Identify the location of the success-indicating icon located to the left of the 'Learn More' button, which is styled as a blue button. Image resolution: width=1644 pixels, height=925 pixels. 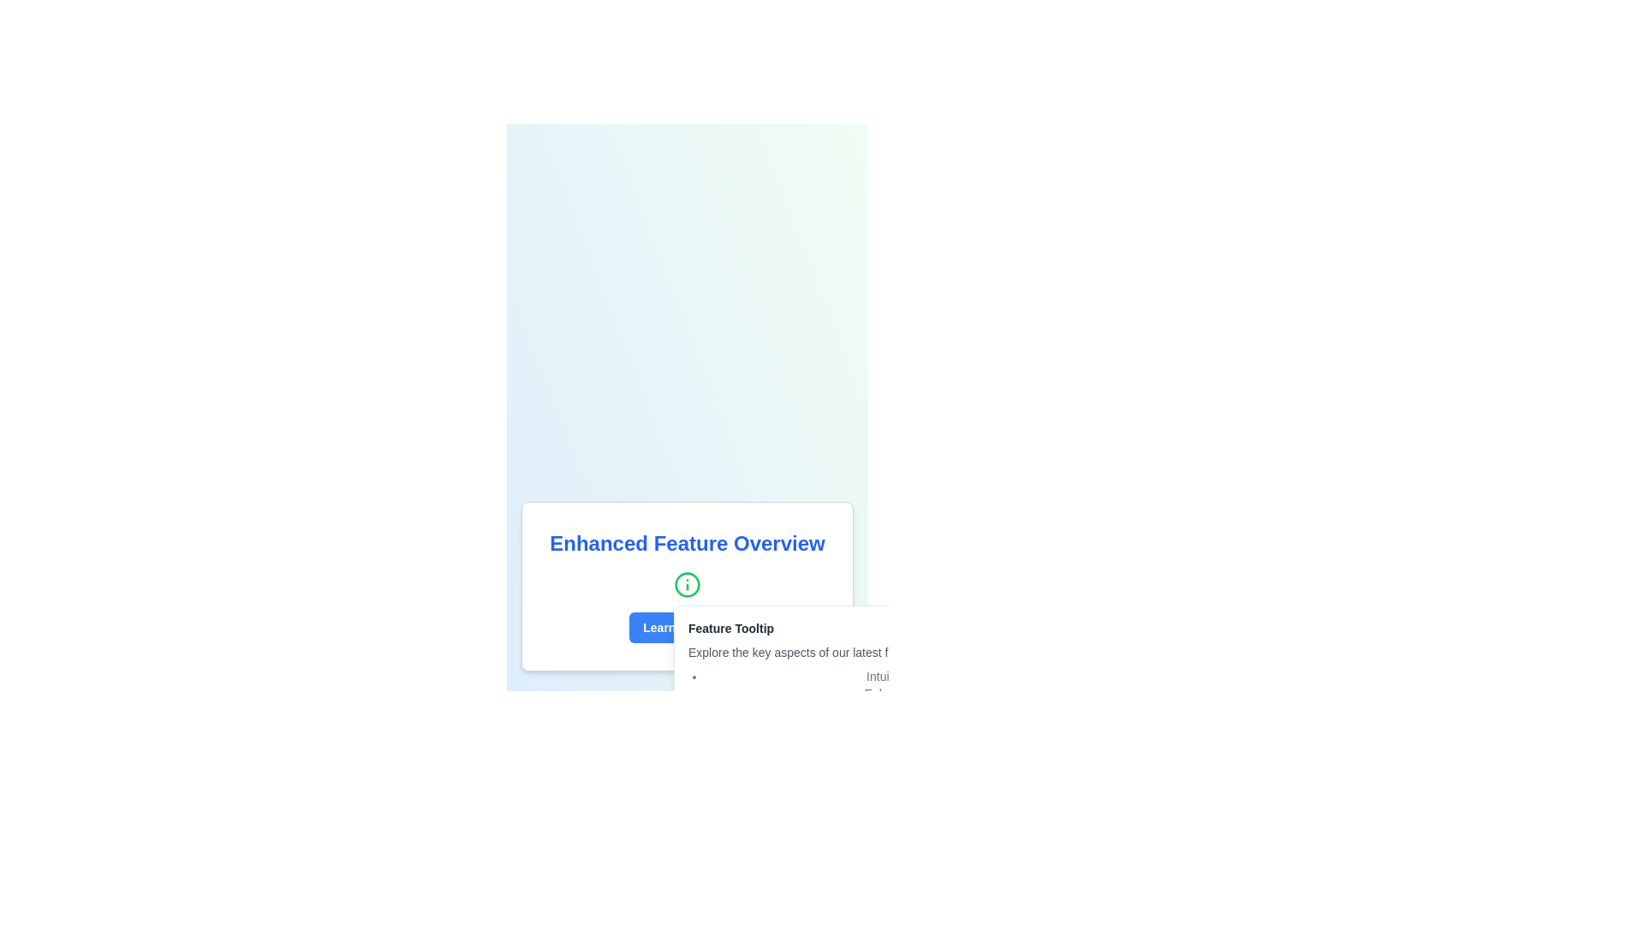
(723, 627).